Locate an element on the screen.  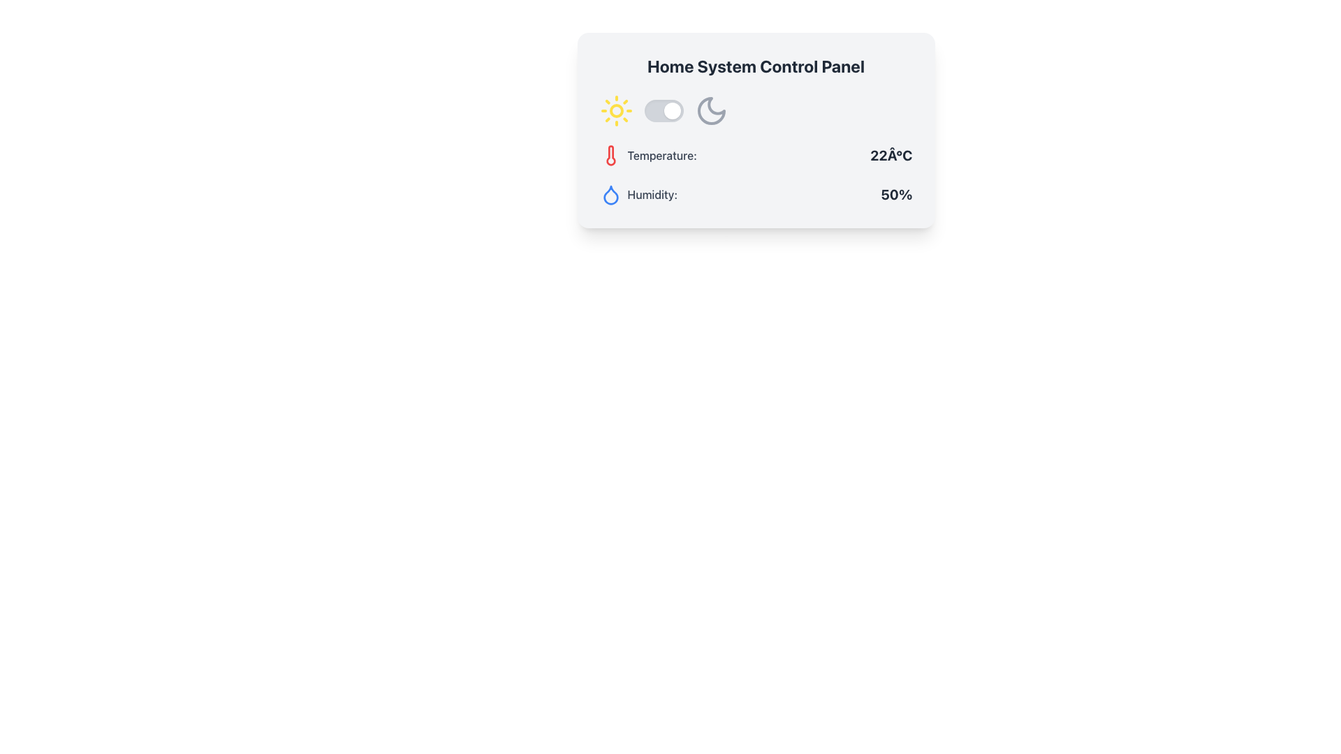
displayed temperature value '22Â°C' from the static text label, which is styled in bold, extra-large dark gray font and is positioned to the right of the 'Temperature:' label and thermometer icon is located at coordinates (891, 156).